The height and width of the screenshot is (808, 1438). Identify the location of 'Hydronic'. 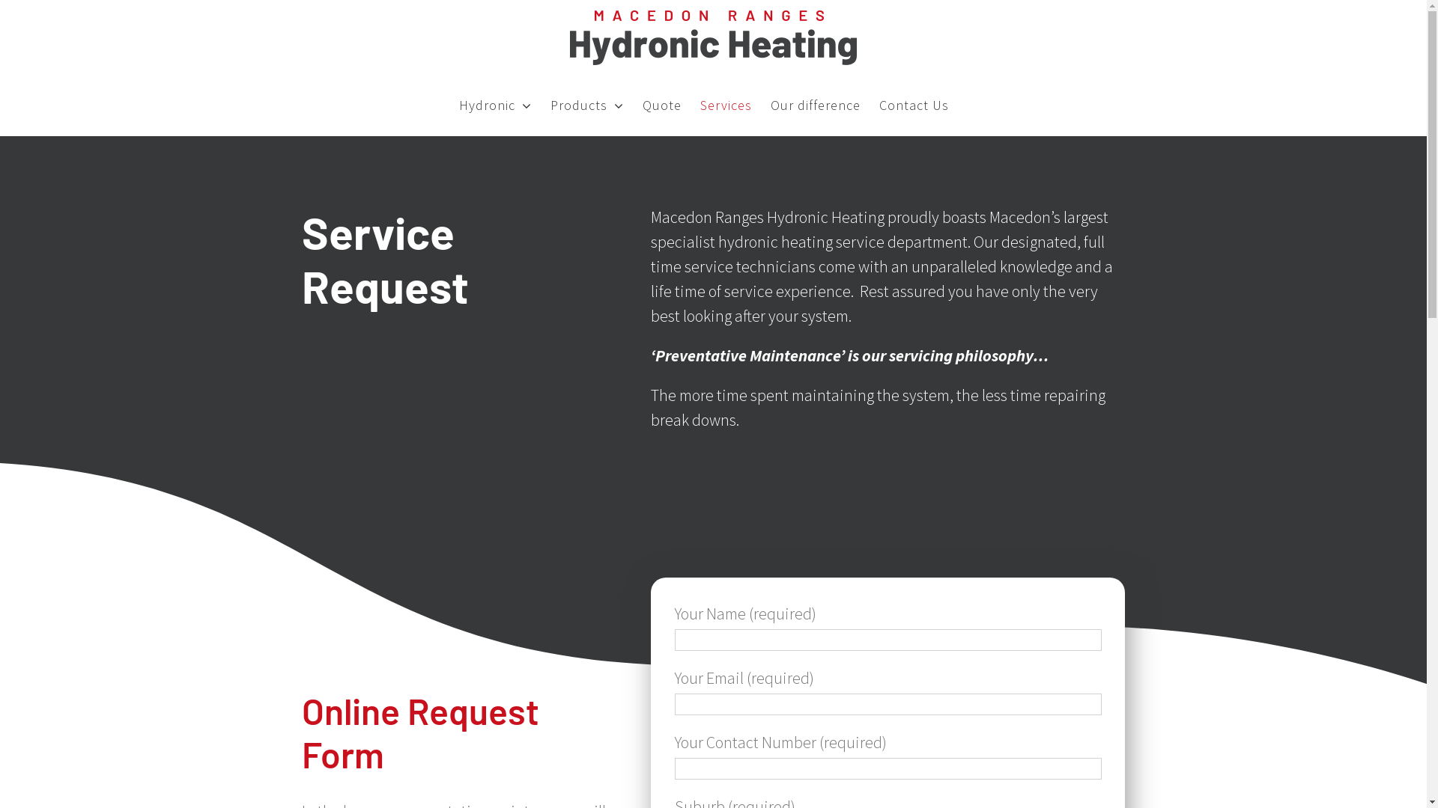
(495, 105).